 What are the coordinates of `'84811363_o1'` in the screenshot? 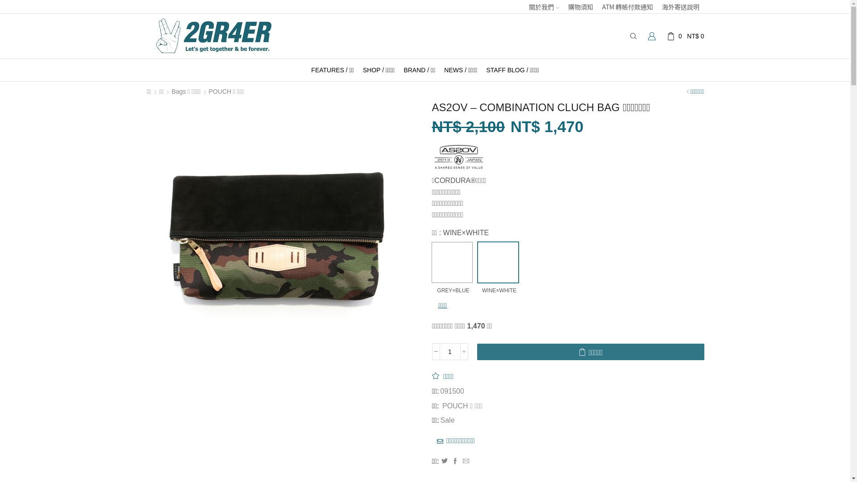 It's located at (282, 223).